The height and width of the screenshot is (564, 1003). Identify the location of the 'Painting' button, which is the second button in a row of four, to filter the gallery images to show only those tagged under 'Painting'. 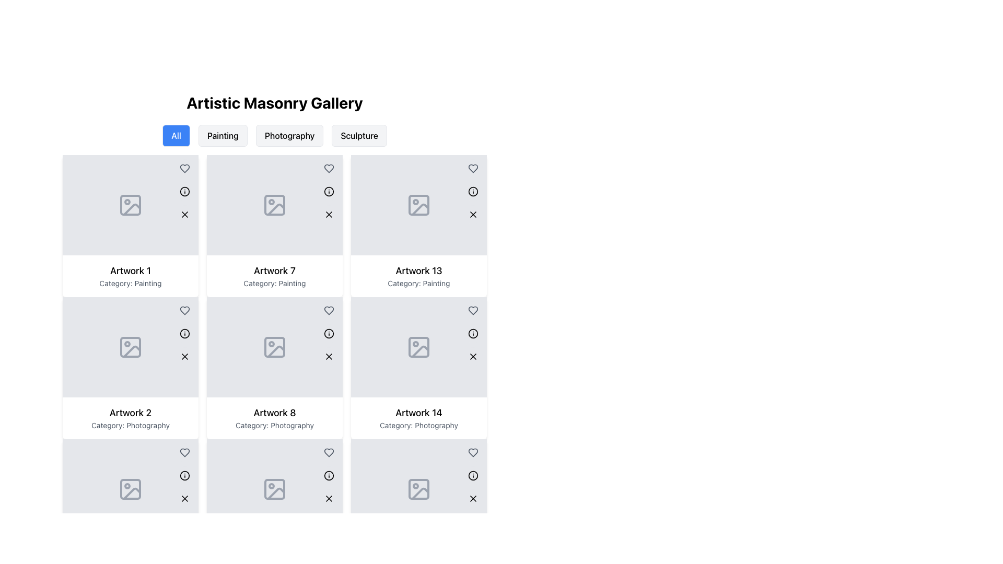
(222, 135).